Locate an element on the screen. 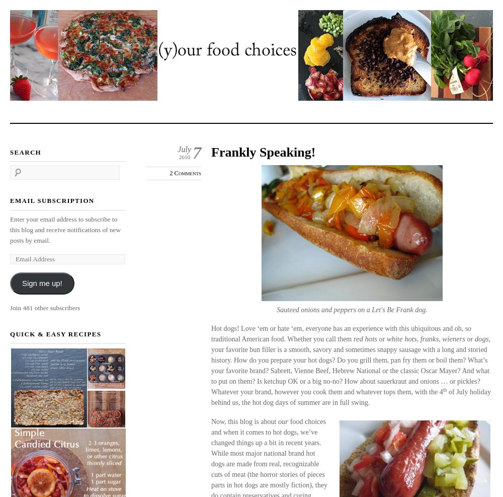  'Hot dogs! Love ‘em or hate ‘em, everyone has an experience with this ubiquitous and oh, so traditional American food. Whether you call them' is located at coordinates (341, 333).